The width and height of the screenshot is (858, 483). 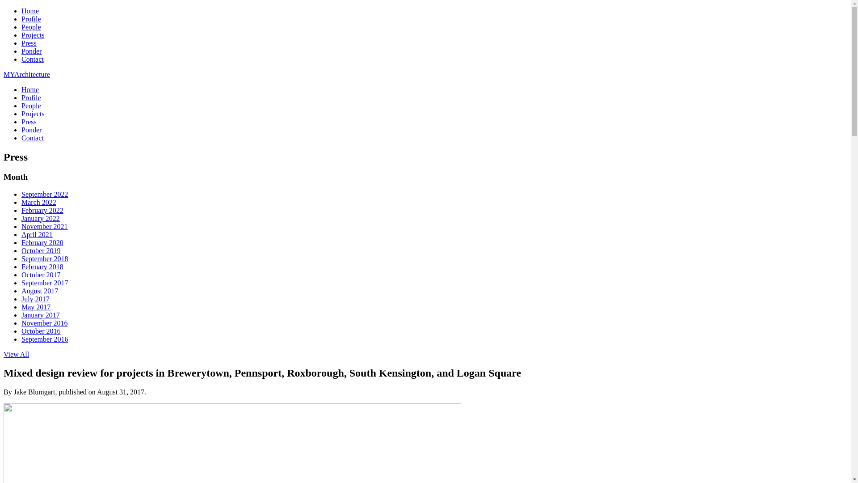 What do you see at coordinates (36, 306) in the screenshot?
I see `'May 2017'` at bounding box center [36, 306].